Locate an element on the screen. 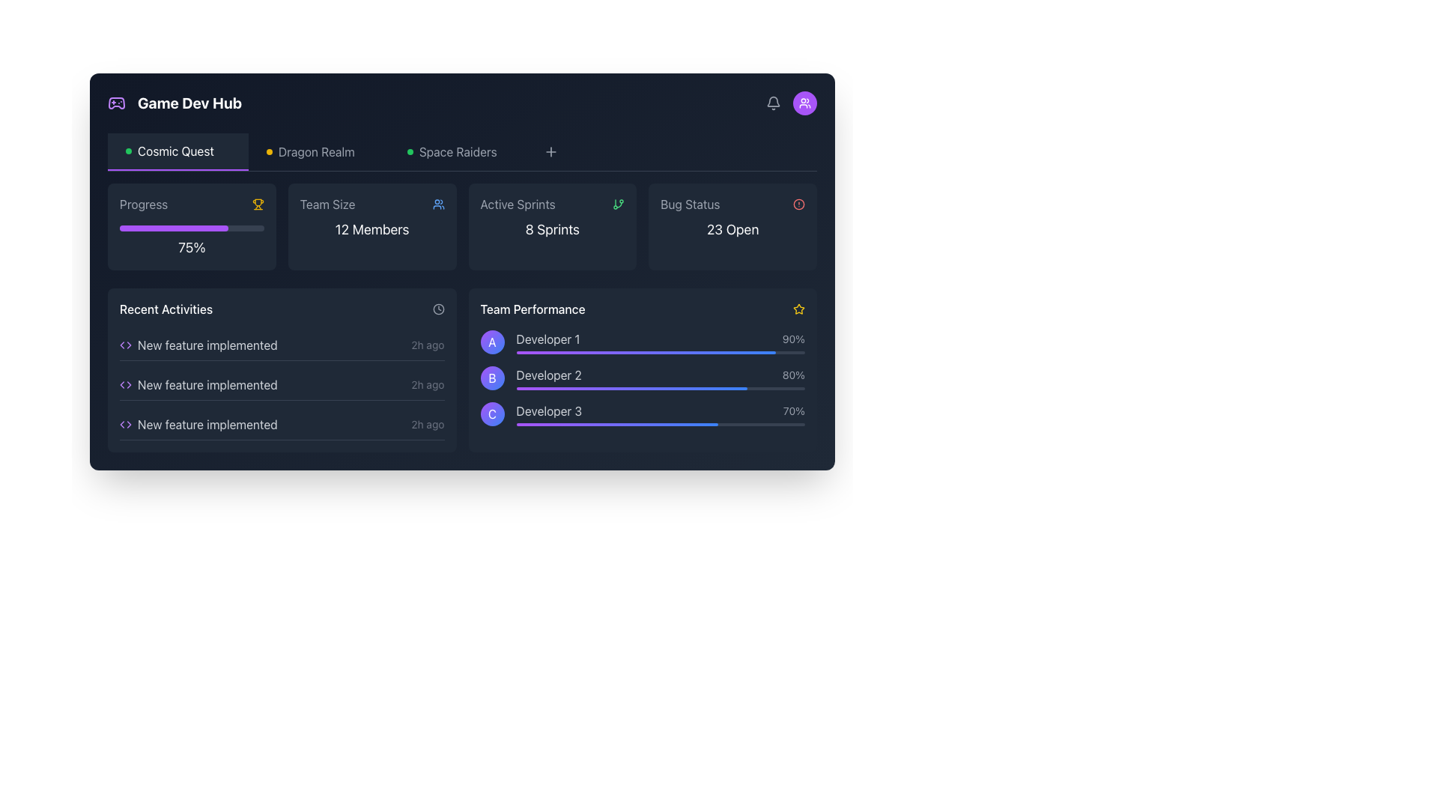  the black gamepad icon with a vivid purple color enhancement, located at the top left corner of the application interface, aligned with the 'Game Dev Hub' title text is located at coordinates (116, 103).